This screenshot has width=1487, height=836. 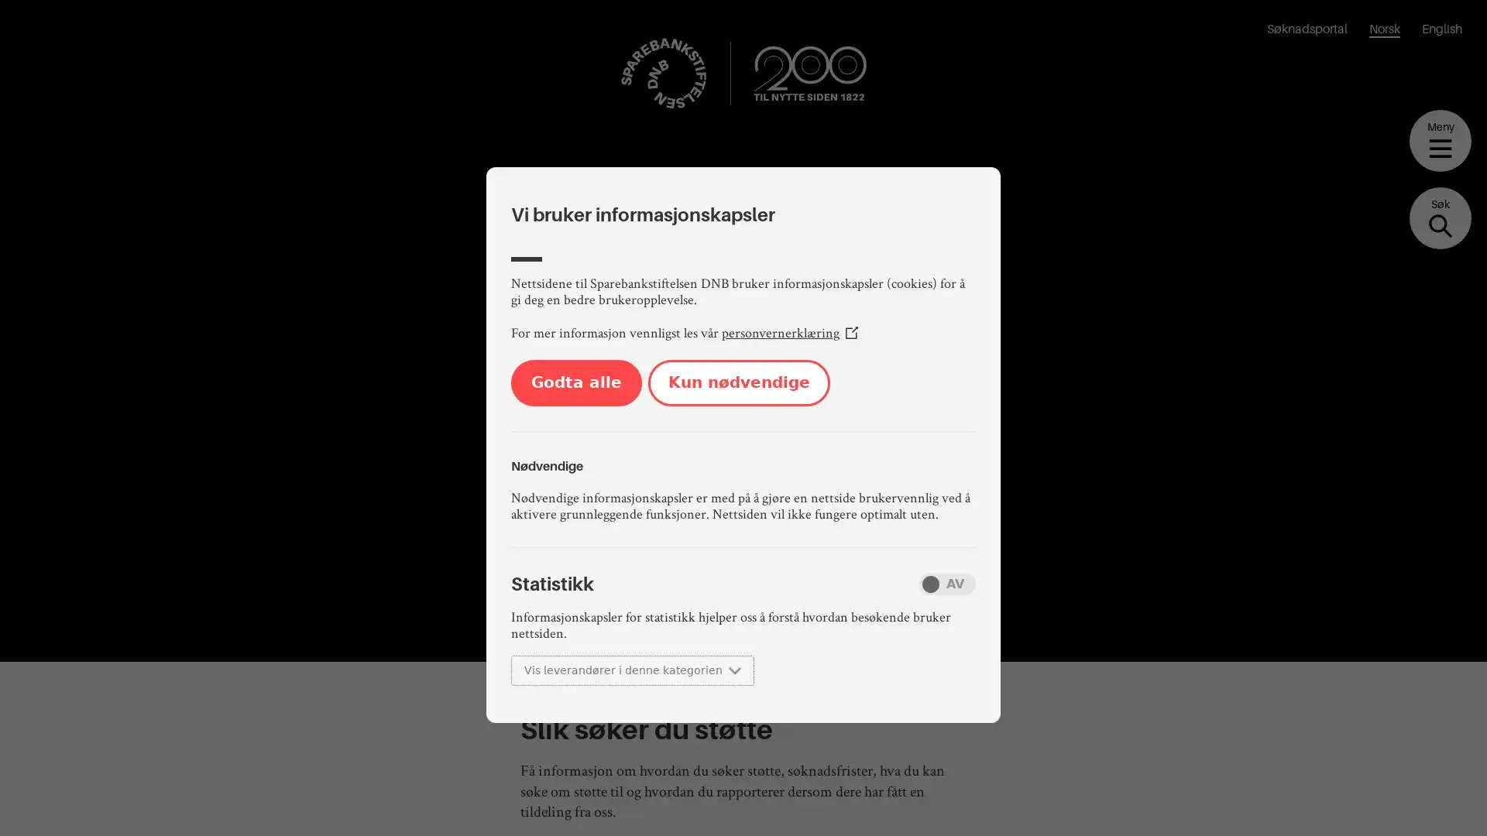 I want to click on Kun ndvendige, so click(x=738, y=382).